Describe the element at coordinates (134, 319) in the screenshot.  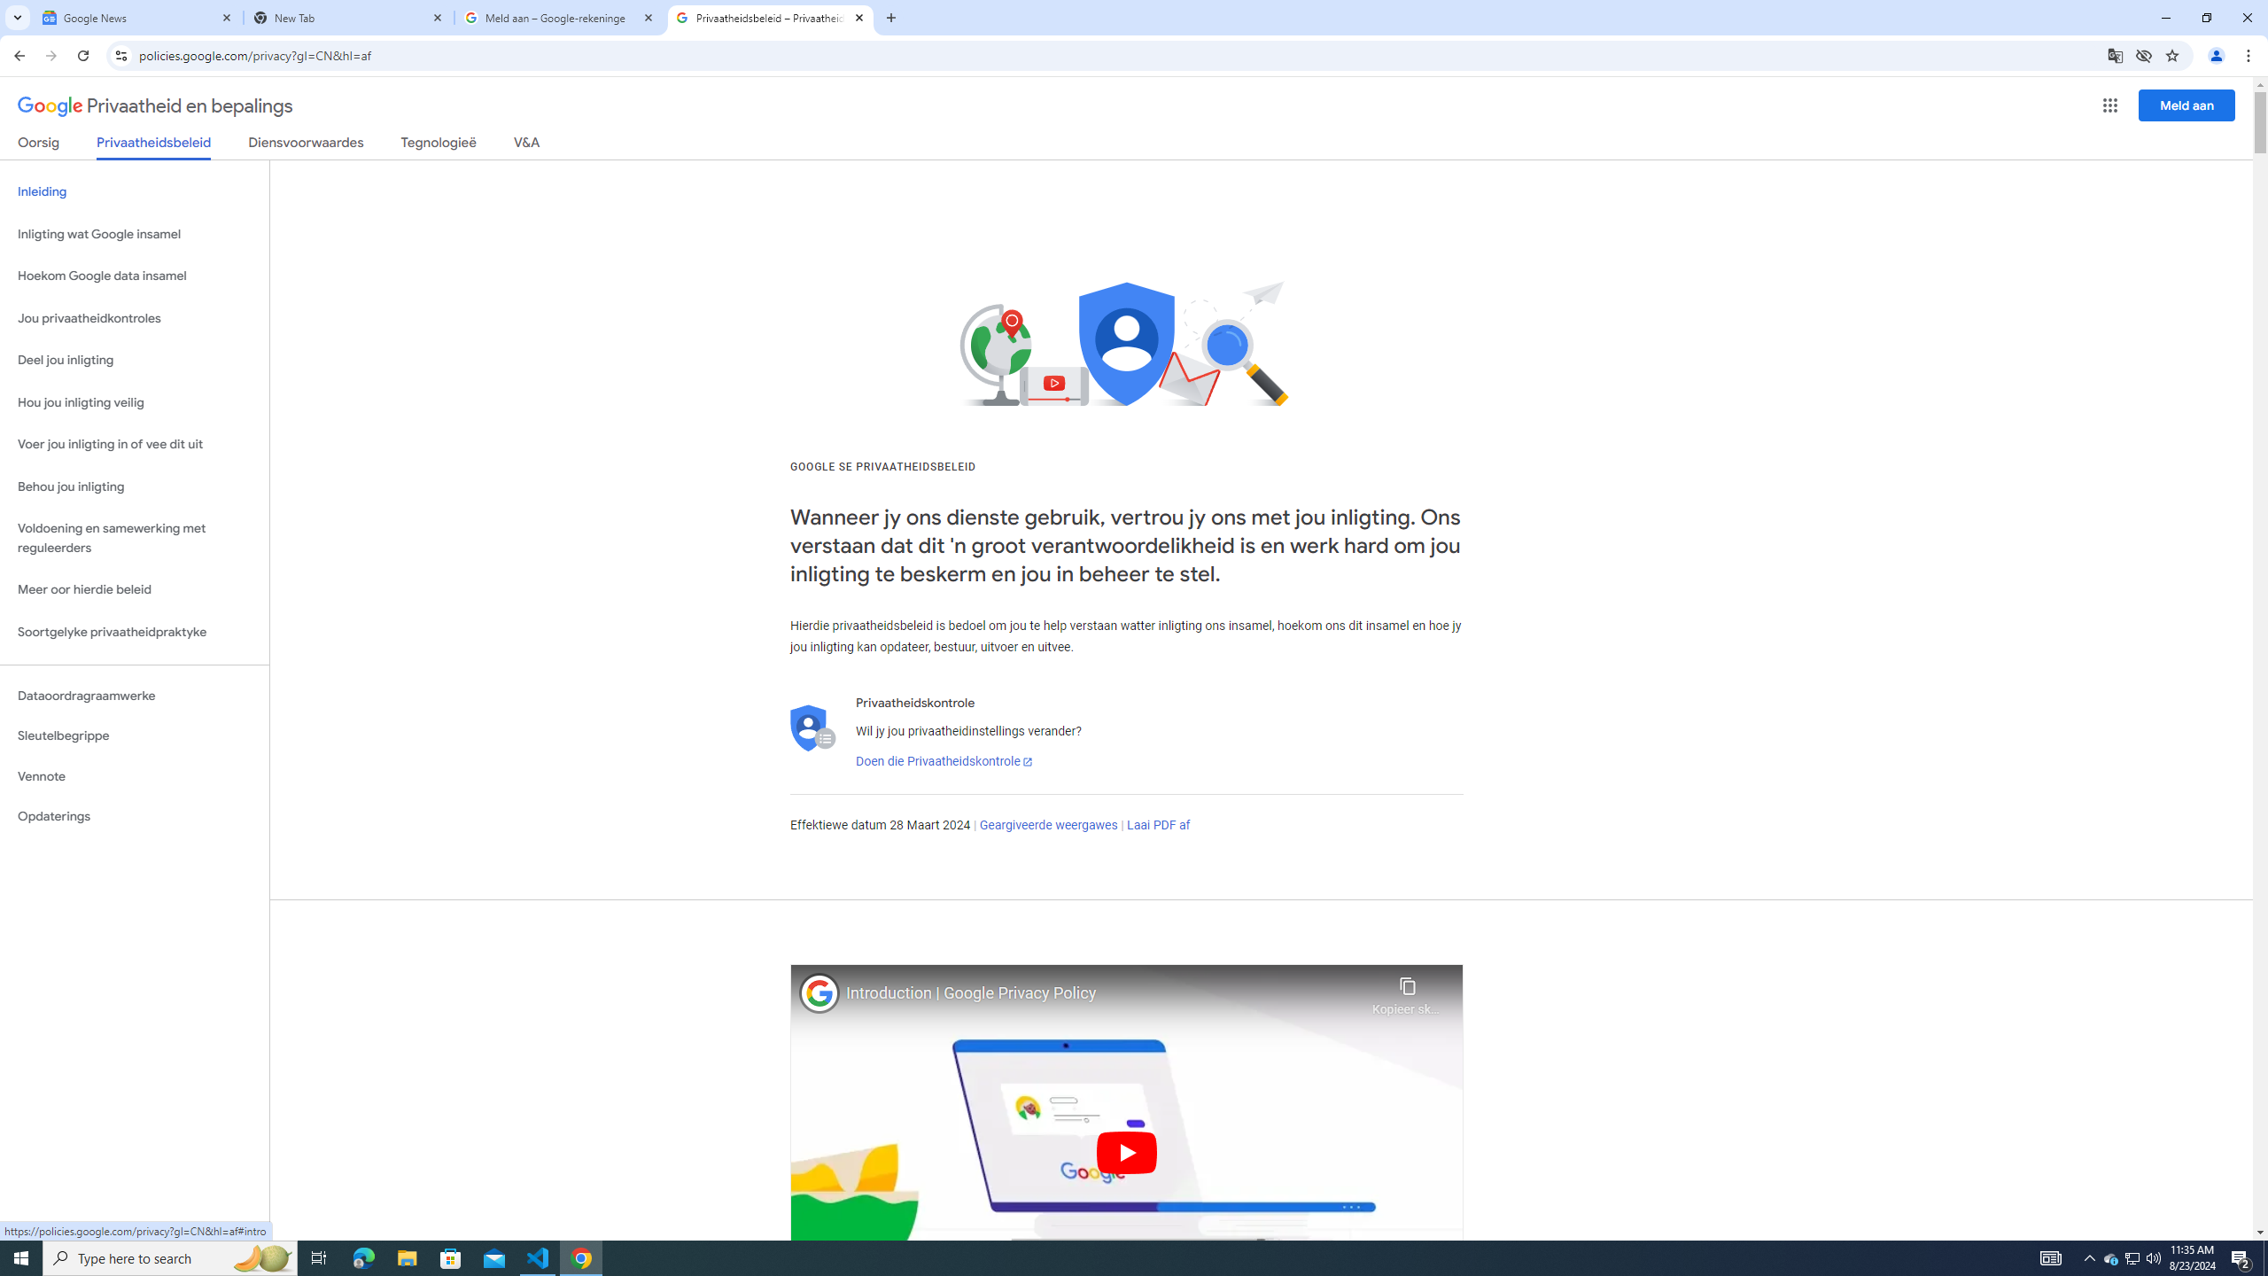
I see `'Jou privaatheidkontroles'` at that location.